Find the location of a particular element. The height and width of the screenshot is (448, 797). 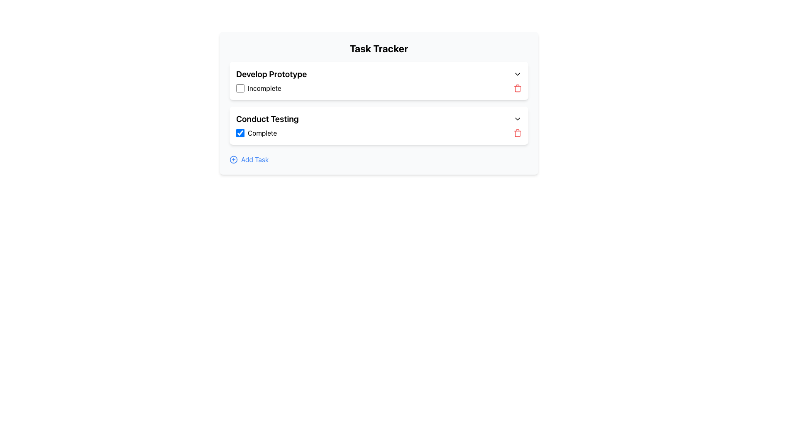

the checkbox beside the label 'Incomplete' in the 'Develop Prototype' task is located at coordinates (258, 88).